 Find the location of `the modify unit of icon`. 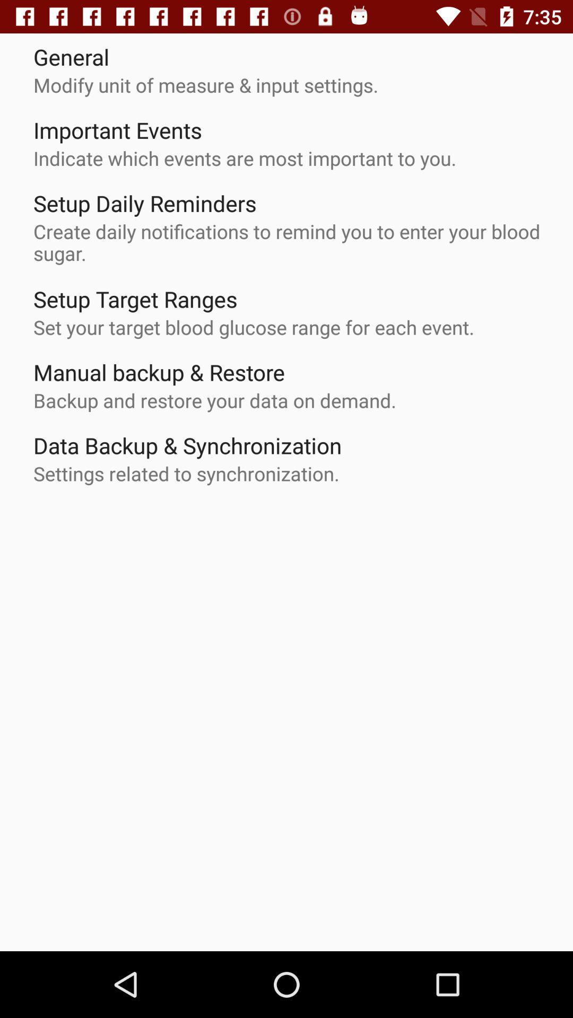

the modify unit of icon is located at coordinates (206, 85).